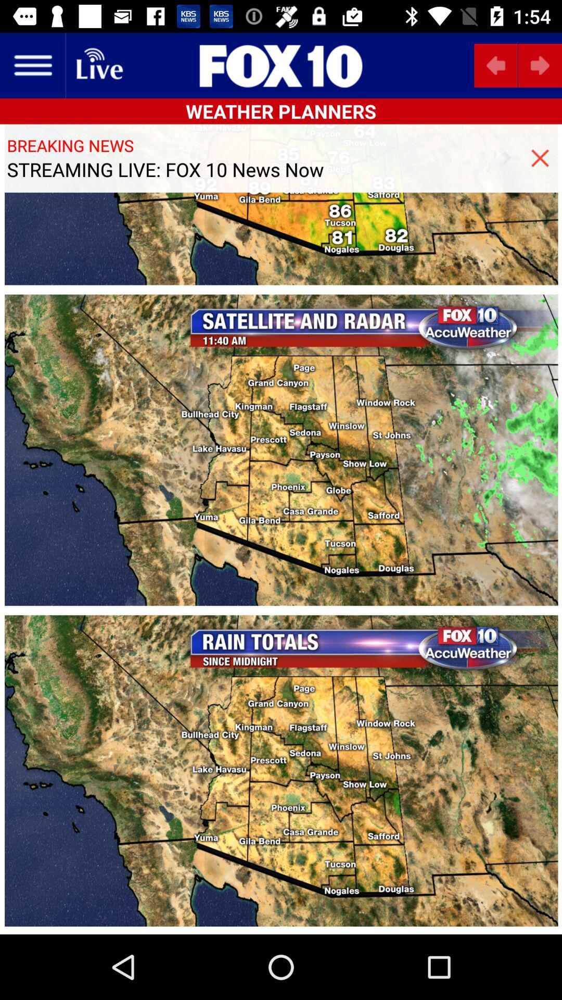  I want to click on the arrow_backward icon, so click(495, 65).